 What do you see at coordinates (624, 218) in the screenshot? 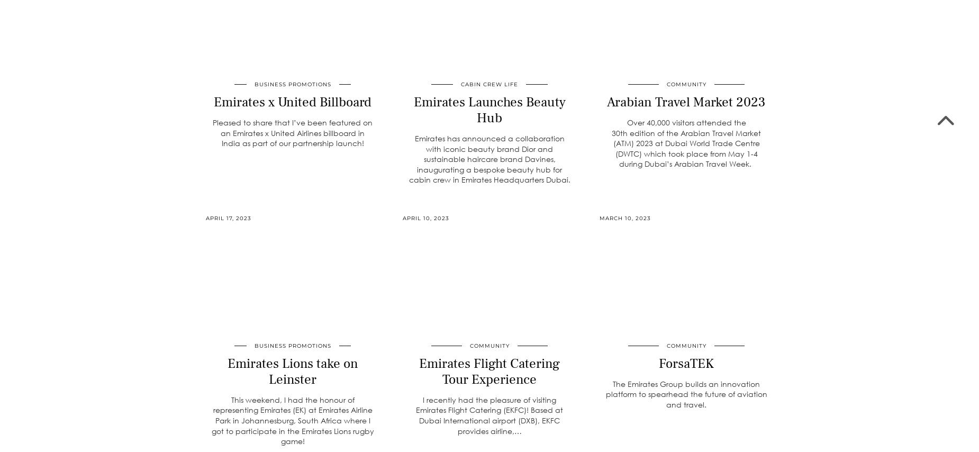
I see `'March 10, 2023'` at bounding box center [624, 218].